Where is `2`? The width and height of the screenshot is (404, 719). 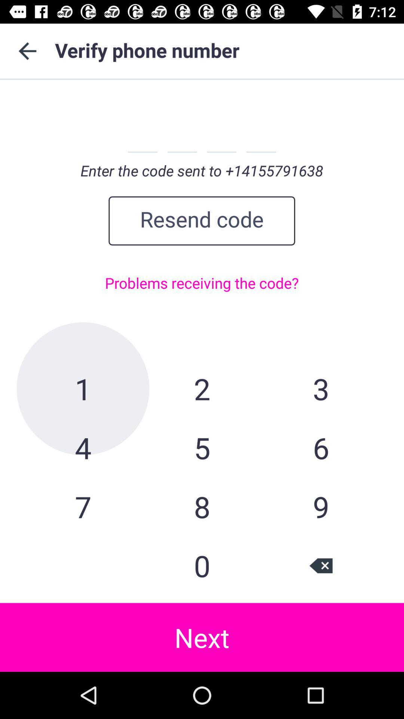 2 is located at coordinates (202, 388).